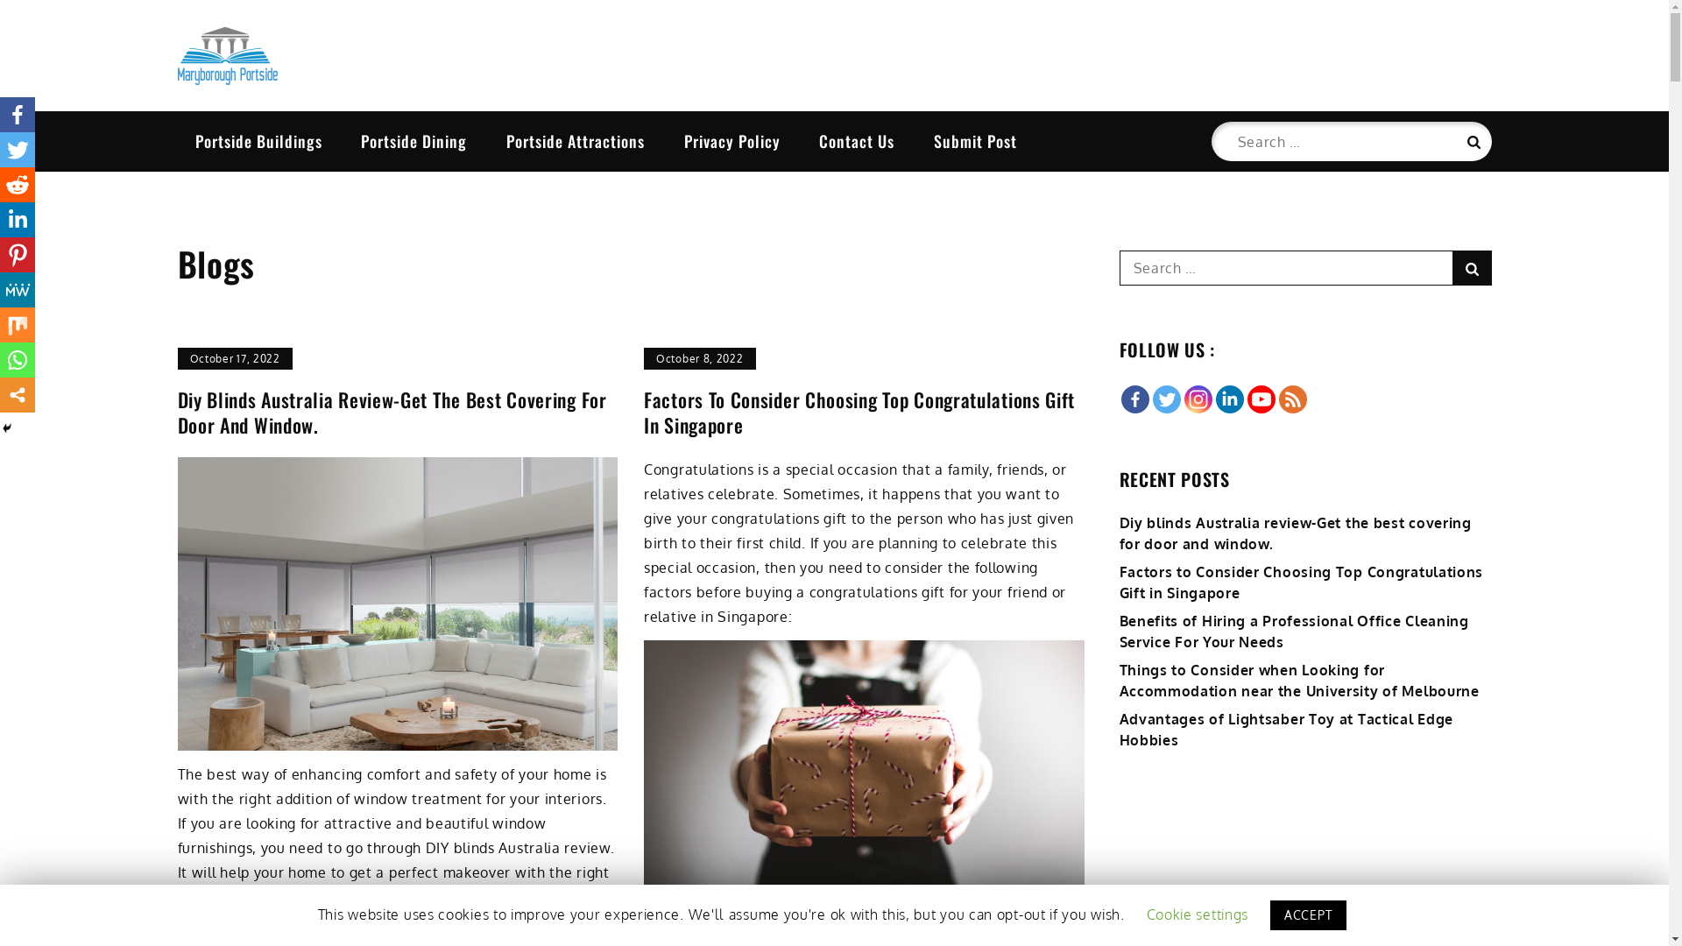 This screenshot has width=1682, height=946. I want to click on 'October 8, 2022', so click(698, 357).